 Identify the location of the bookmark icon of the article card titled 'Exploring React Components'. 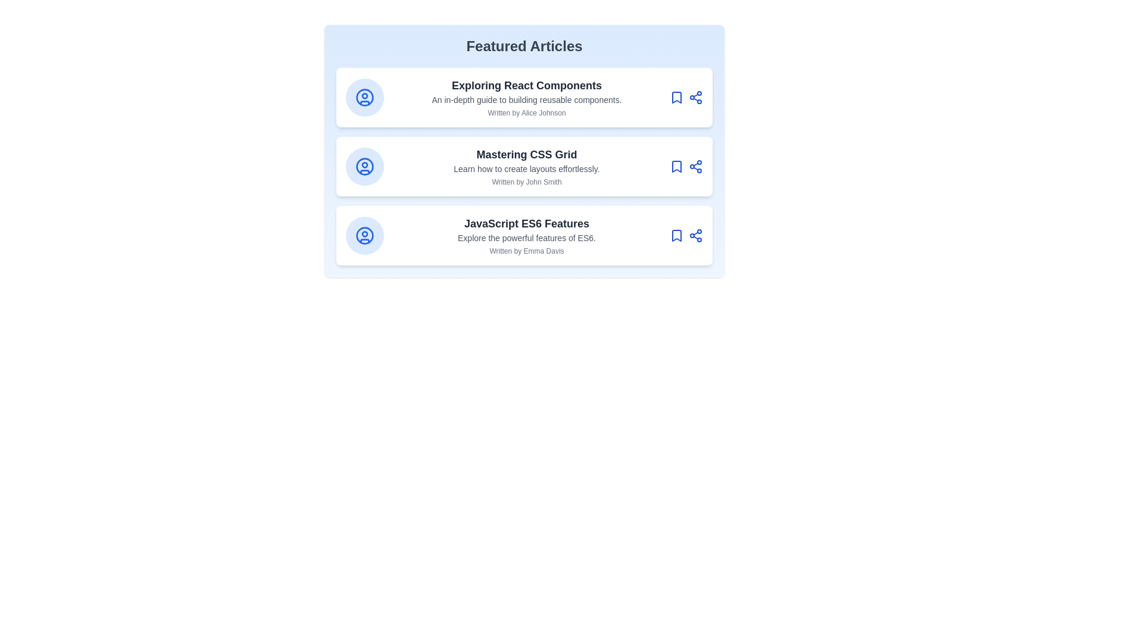
(677, 97).